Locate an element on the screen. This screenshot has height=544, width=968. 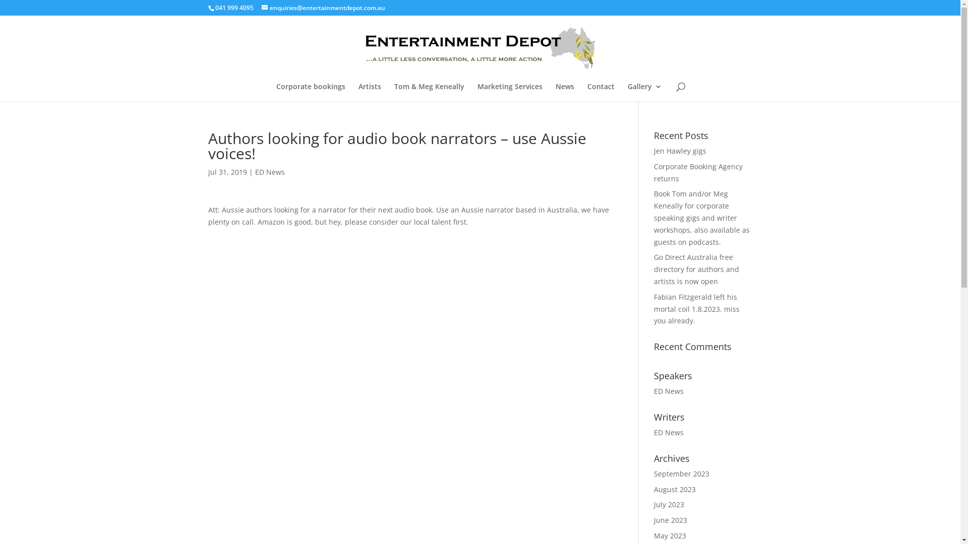
'Contact' is located at coordinates (600, 92).